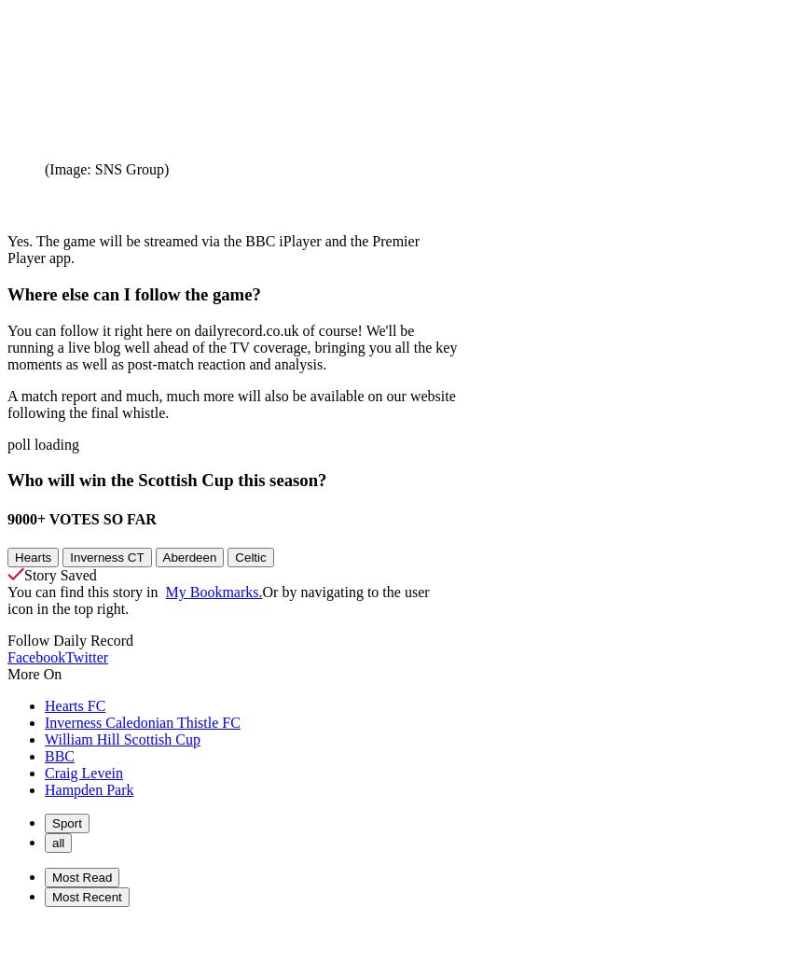 Image resolution: width=800 pixels, height=976 pixels. What do you see at coordinates (141, 720) in the screenshot?
I see `'Inverness Caledonian Thistle FC'` at bounding box center [141, 720].